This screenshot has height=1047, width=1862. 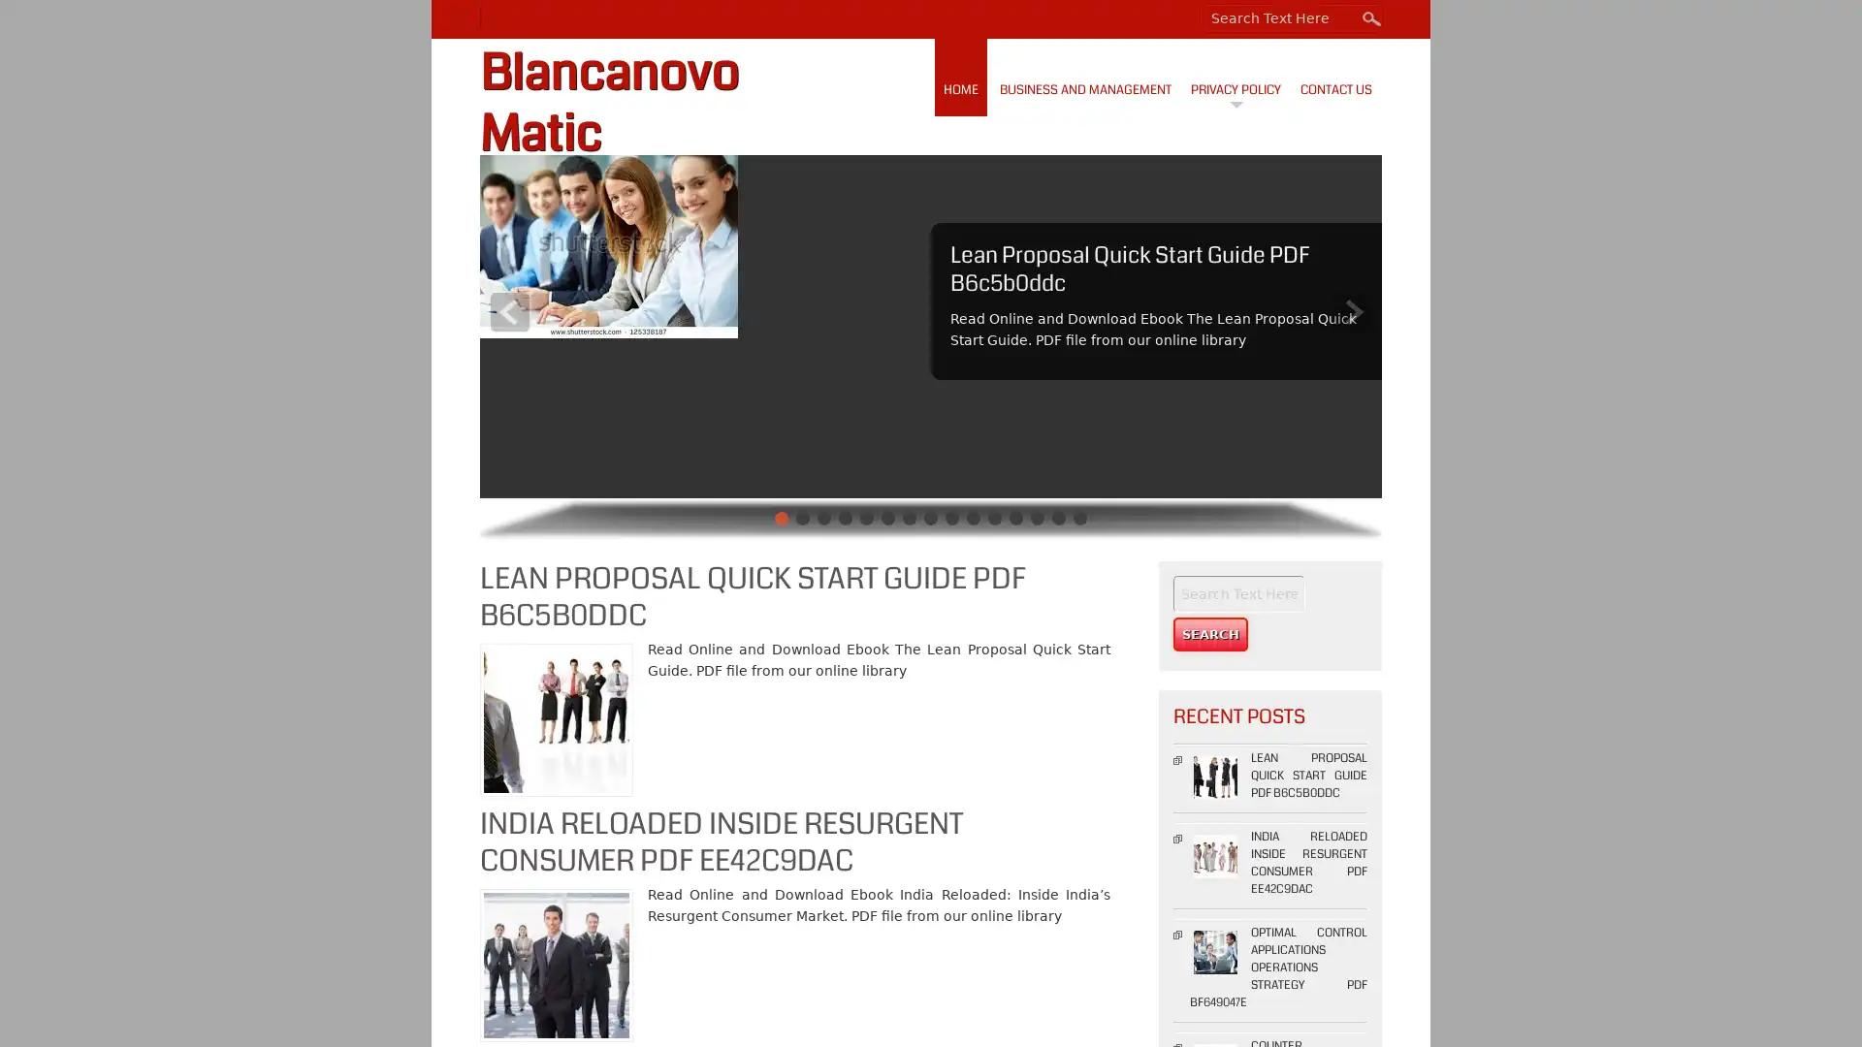 What do you see at coordinates (1209, 634) in the screenshot?
I see `Search` at bounding box center [1209, 634].